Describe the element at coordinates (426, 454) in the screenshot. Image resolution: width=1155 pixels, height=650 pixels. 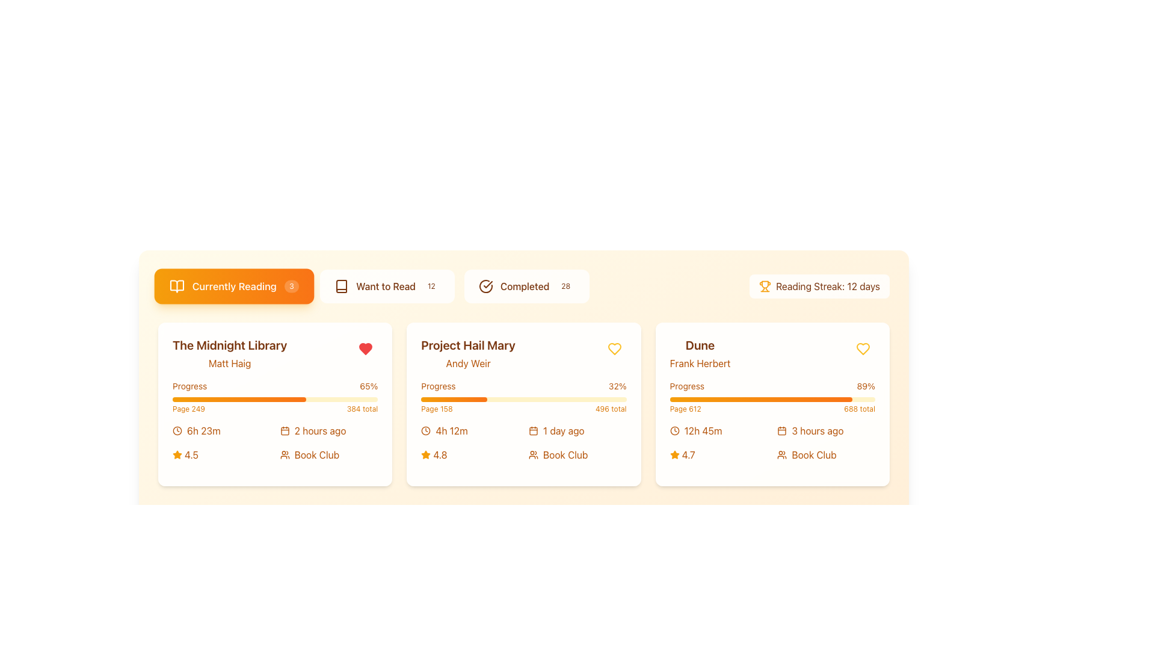
I see `the star icon representing the rating for the 'Project Hail Mary' card, located in the lower-left area below the progress bar and adjacent to the rating value '4.8'` at that location.